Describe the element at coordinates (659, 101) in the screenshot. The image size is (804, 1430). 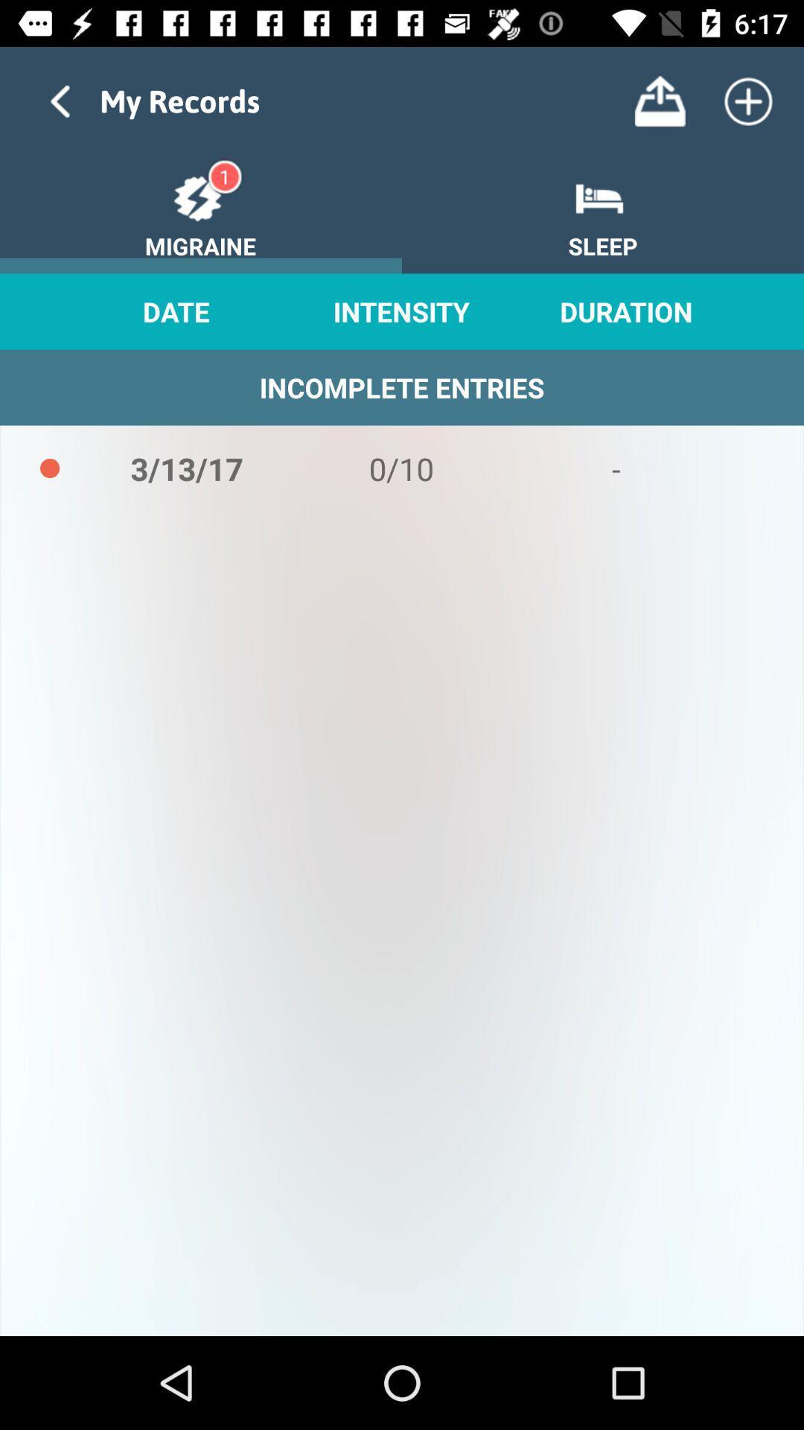
I see `the icon next to my records icon` at that location.